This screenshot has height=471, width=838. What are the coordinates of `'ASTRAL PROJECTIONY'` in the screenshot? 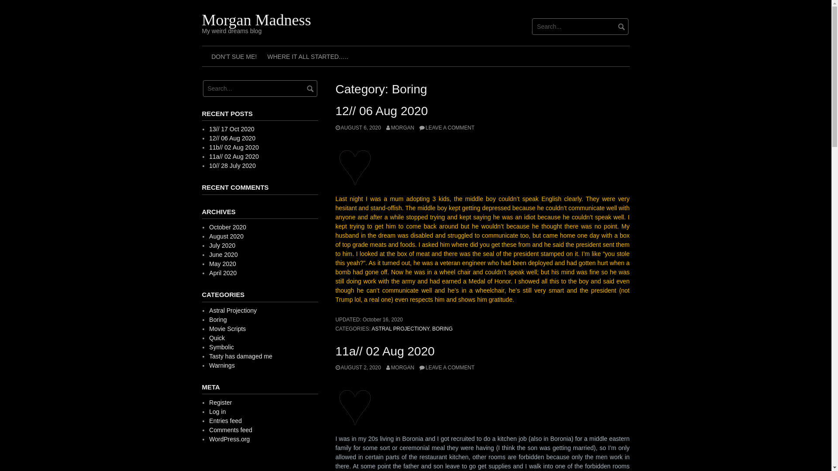 It's located at (400, 328).